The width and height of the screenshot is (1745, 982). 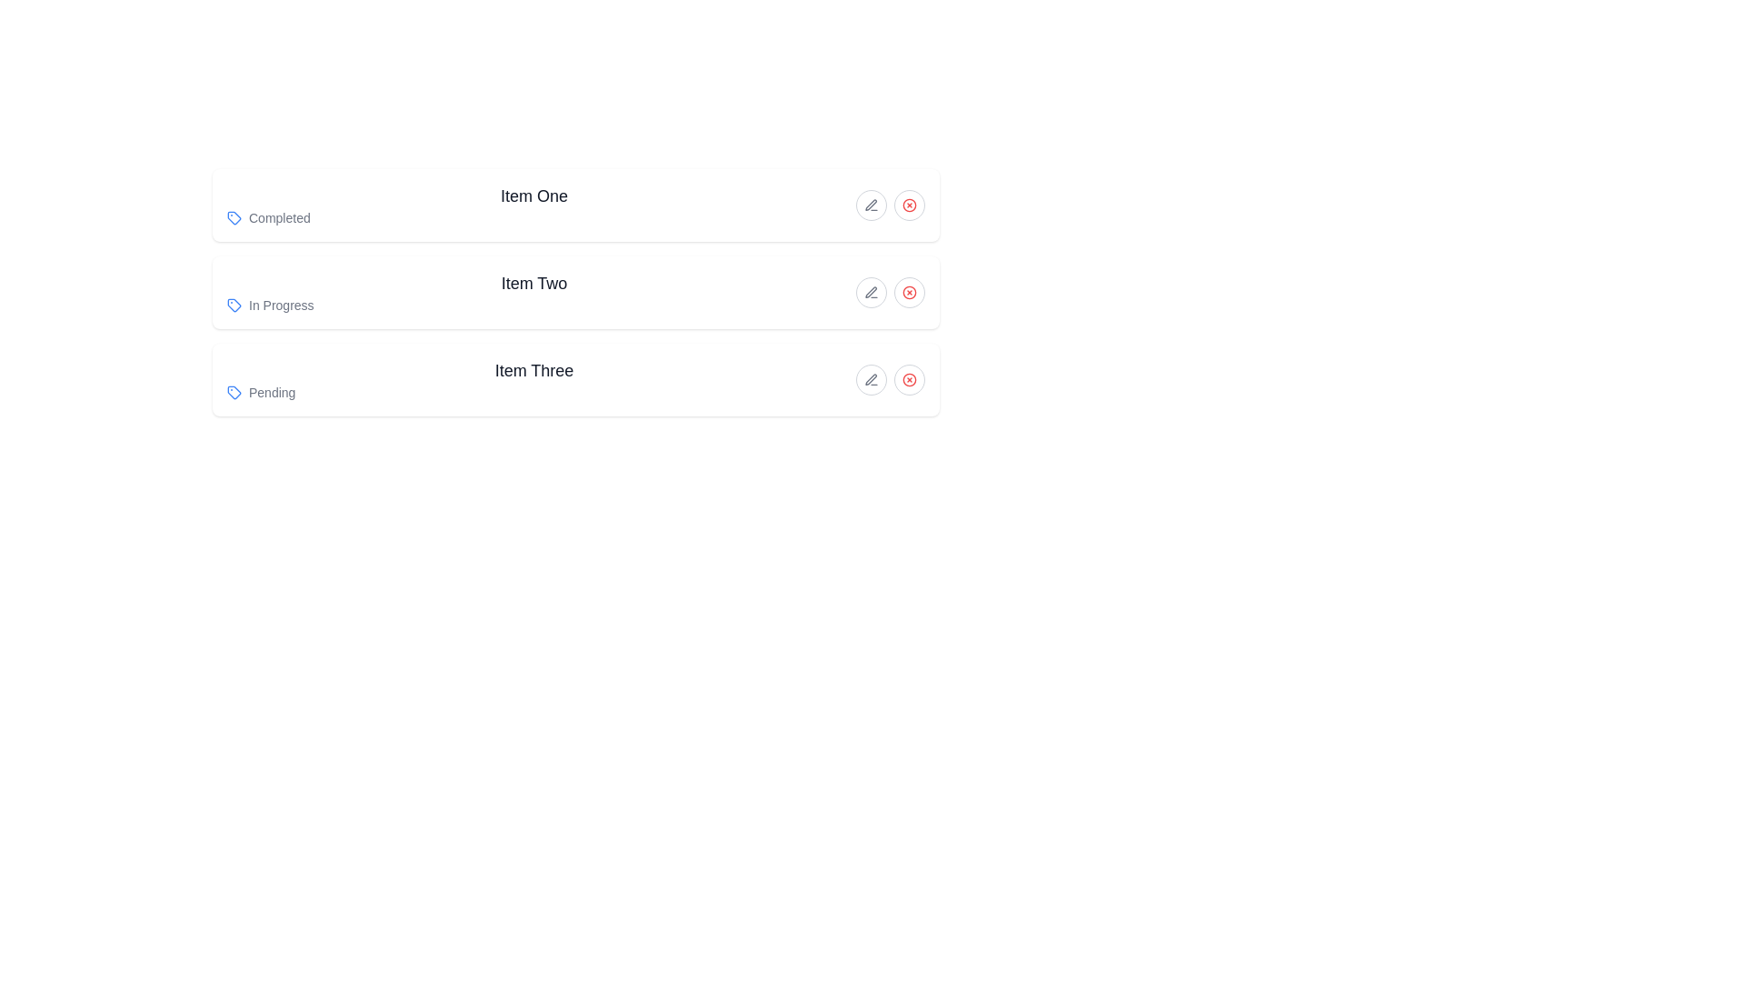 What do you see at coordinates (278, 216) in the screenshot?
I see `the text label displaying the word 'Completed', which is positioned next to a small blue tag-shaped icon in a horizontal grouping at the topmost item in a vertical list` at bounding box center [278, 216].